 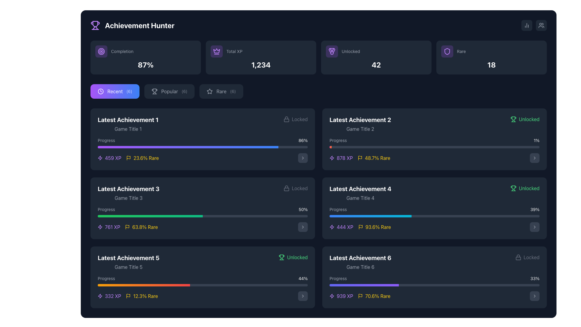 What do you see at coordinates (332, 51) in the screenshot?
I see `the unlocked achievement icon located at the top-right section of the interface within the summary card labeled 'Unlocked'` at bounding box center [332, 51].